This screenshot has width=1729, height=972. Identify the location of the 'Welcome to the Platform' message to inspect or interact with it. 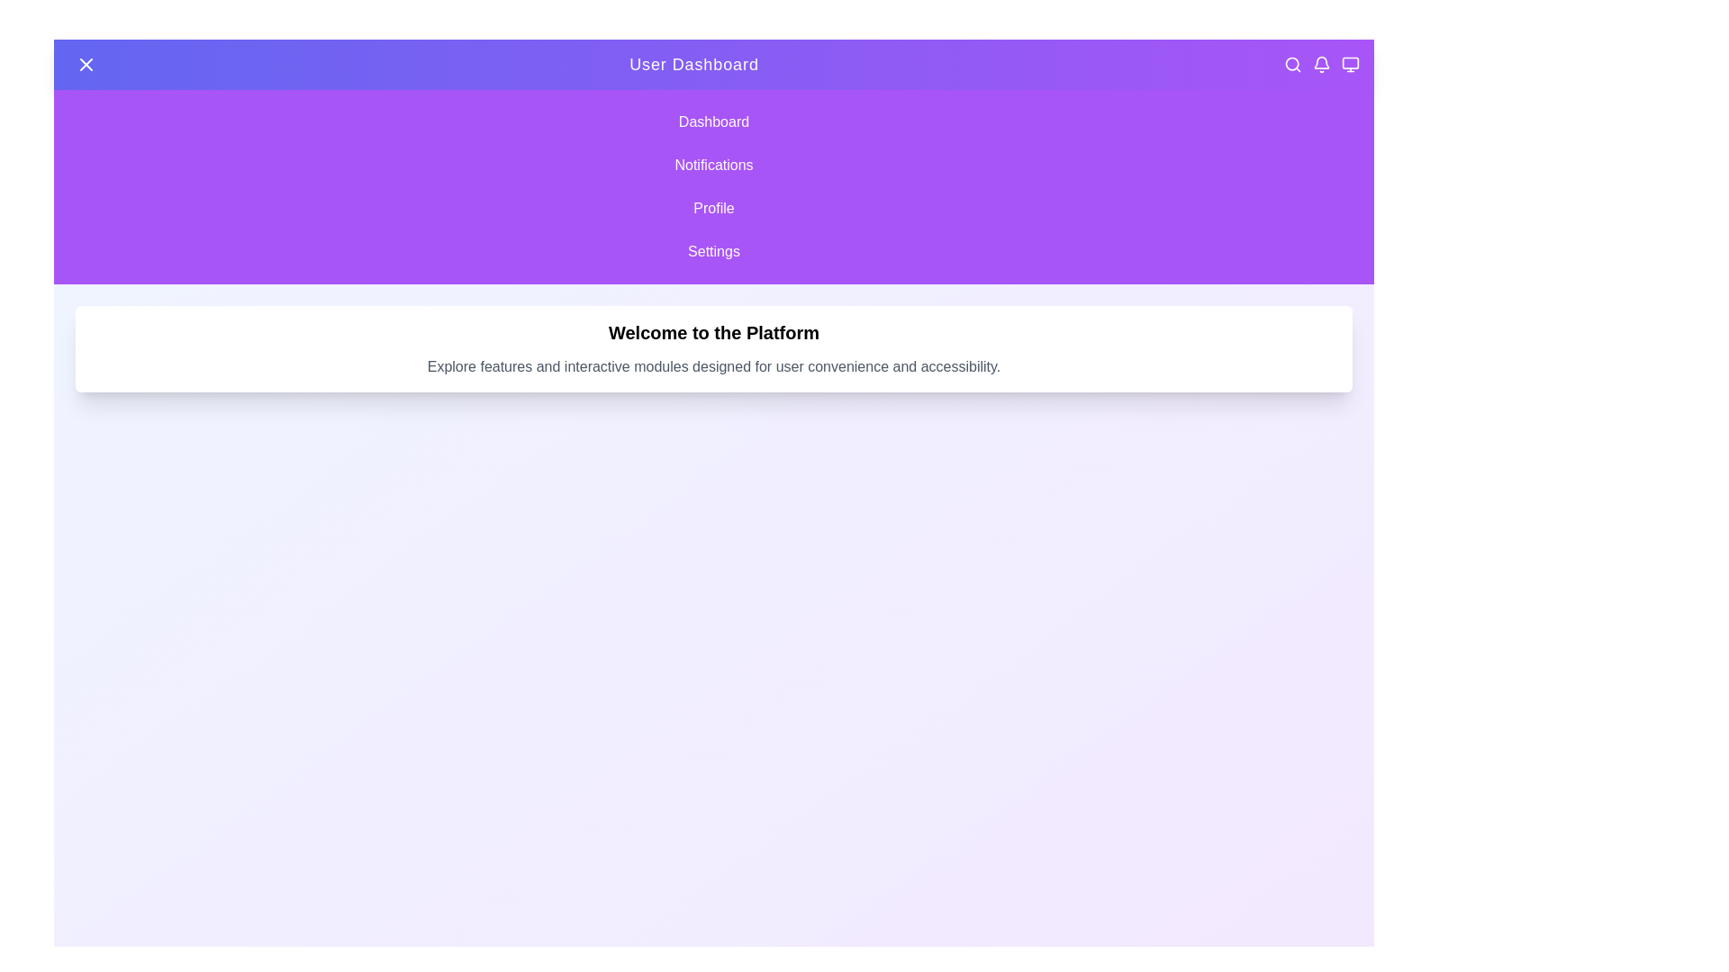
(712, 333).